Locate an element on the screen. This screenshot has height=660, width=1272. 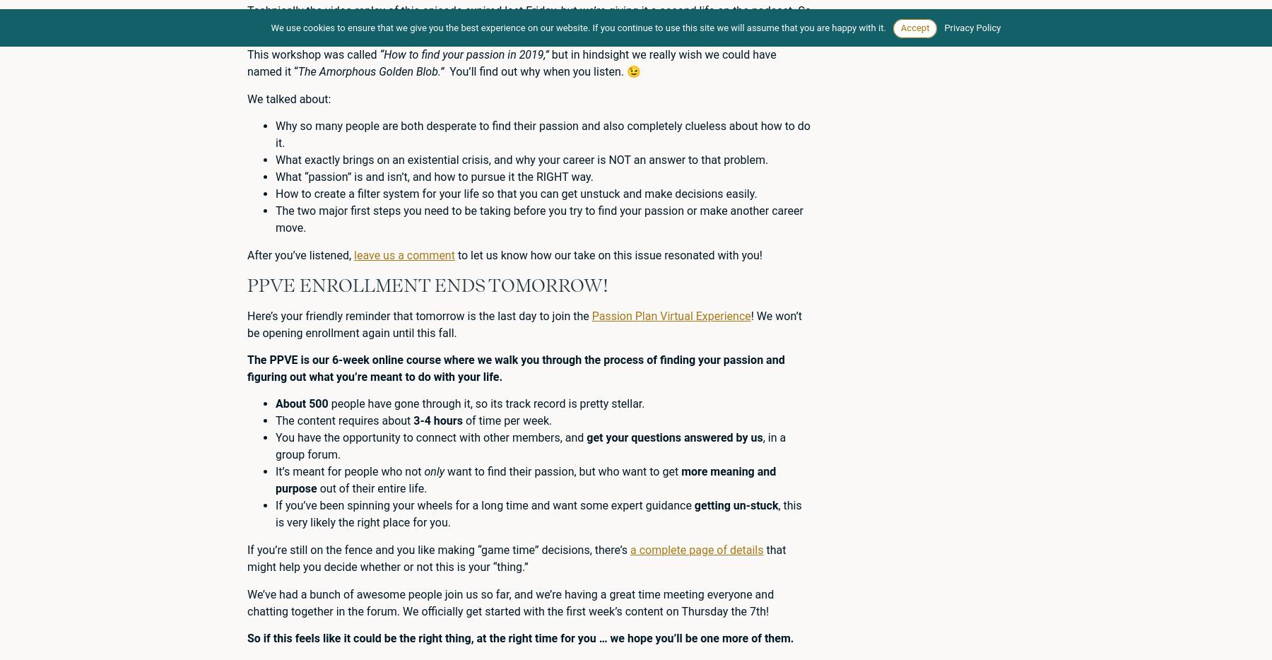
'getting un-stuck' is located at coordinates (736, 505).